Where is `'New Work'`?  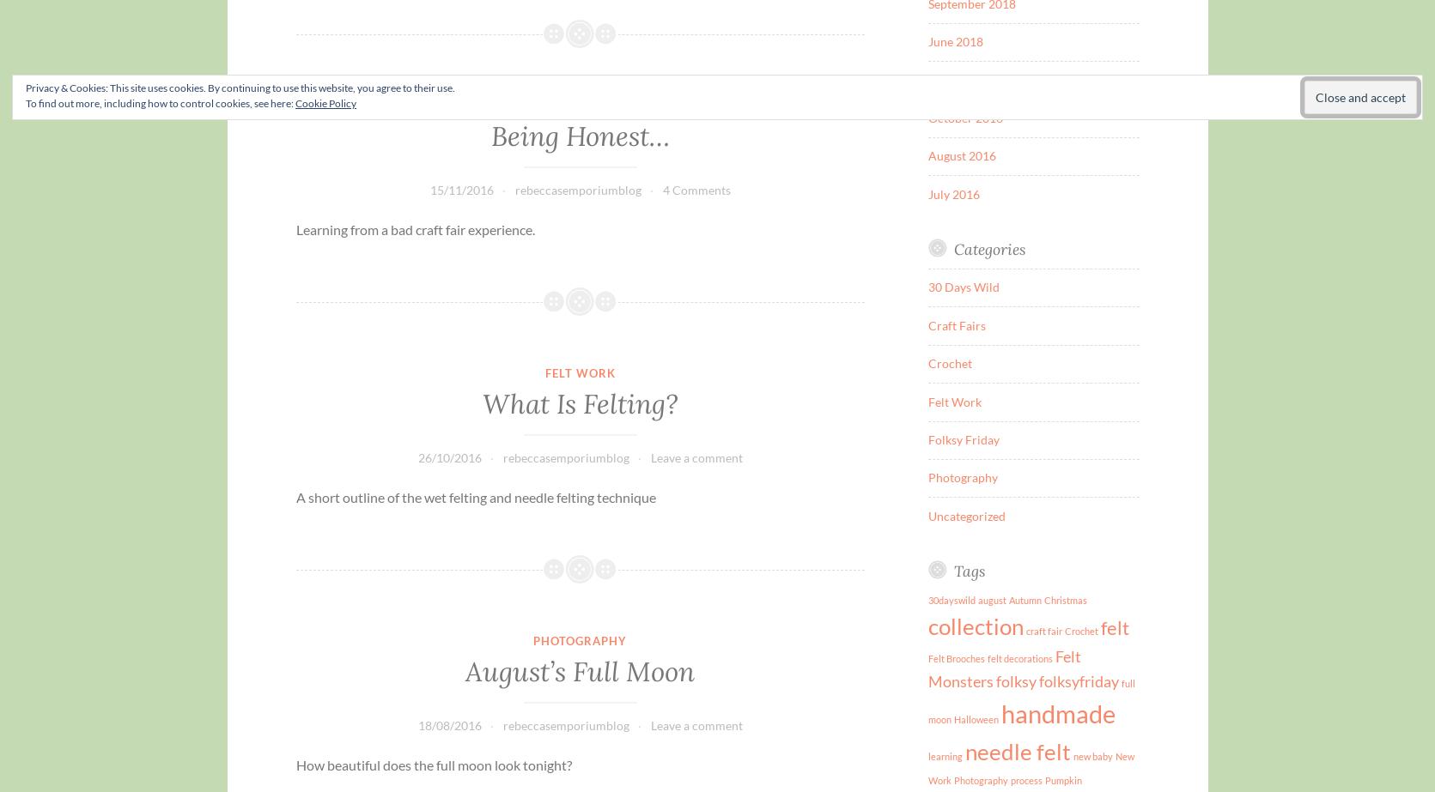
'New Work' is located at coordinates (1031, 766).